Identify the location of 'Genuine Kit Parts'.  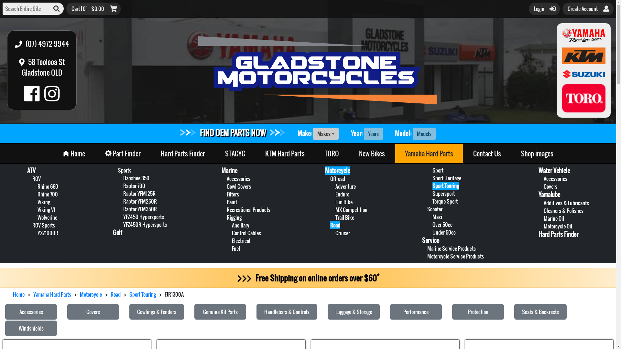
(220, 311).